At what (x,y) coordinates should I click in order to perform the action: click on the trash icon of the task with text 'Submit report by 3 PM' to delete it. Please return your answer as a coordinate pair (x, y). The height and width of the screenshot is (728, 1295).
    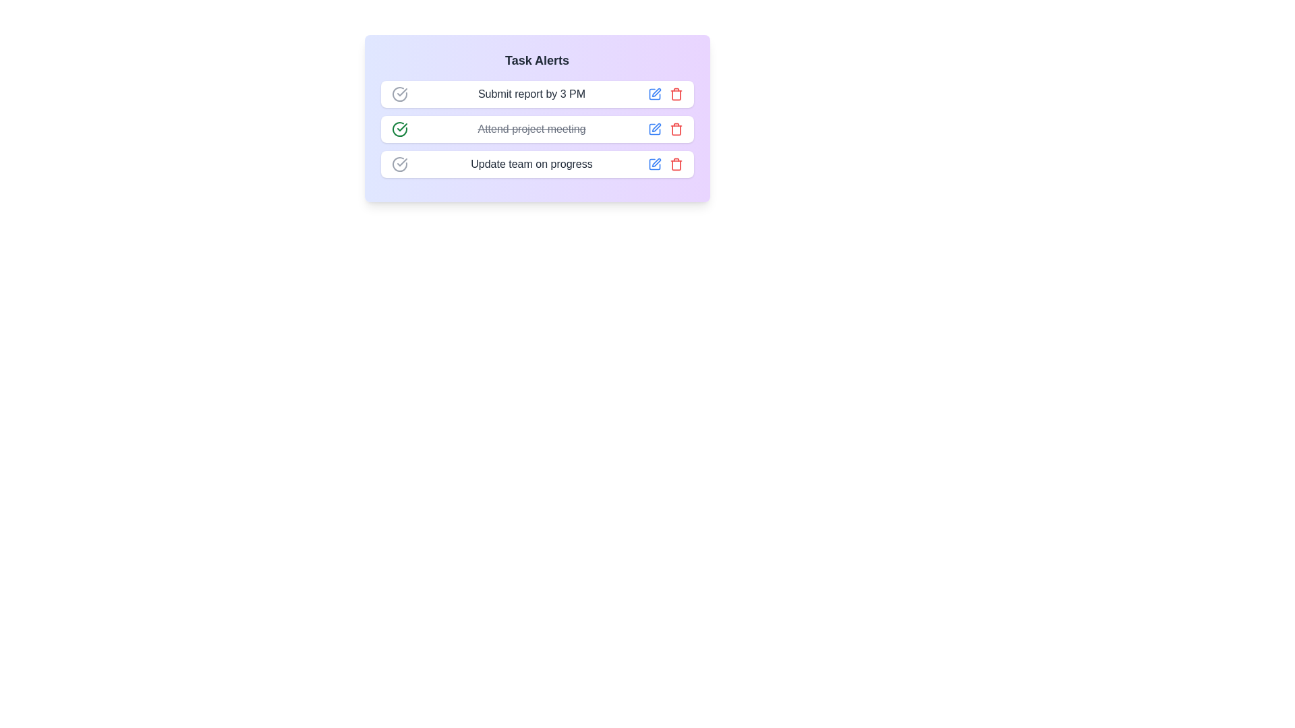
    Looking at the image, I should click on (676, 93).